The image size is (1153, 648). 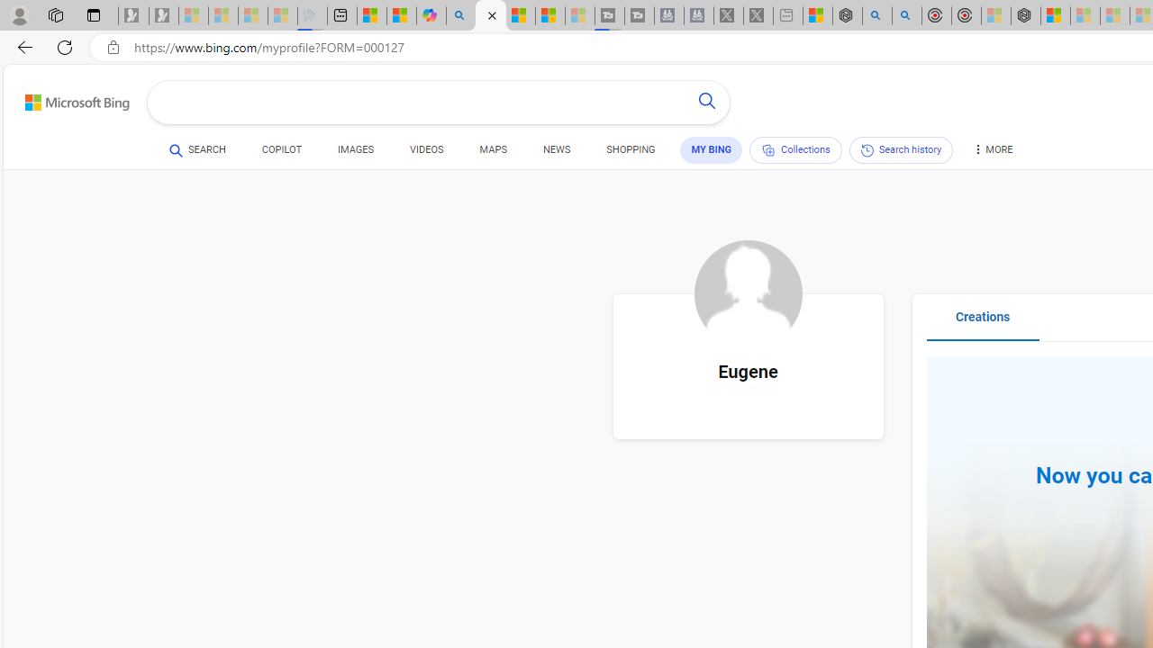 What do you see at coordinates (556, 151) in the screenshot?
I see `'NEWS'` at bounding box center [556, 151].